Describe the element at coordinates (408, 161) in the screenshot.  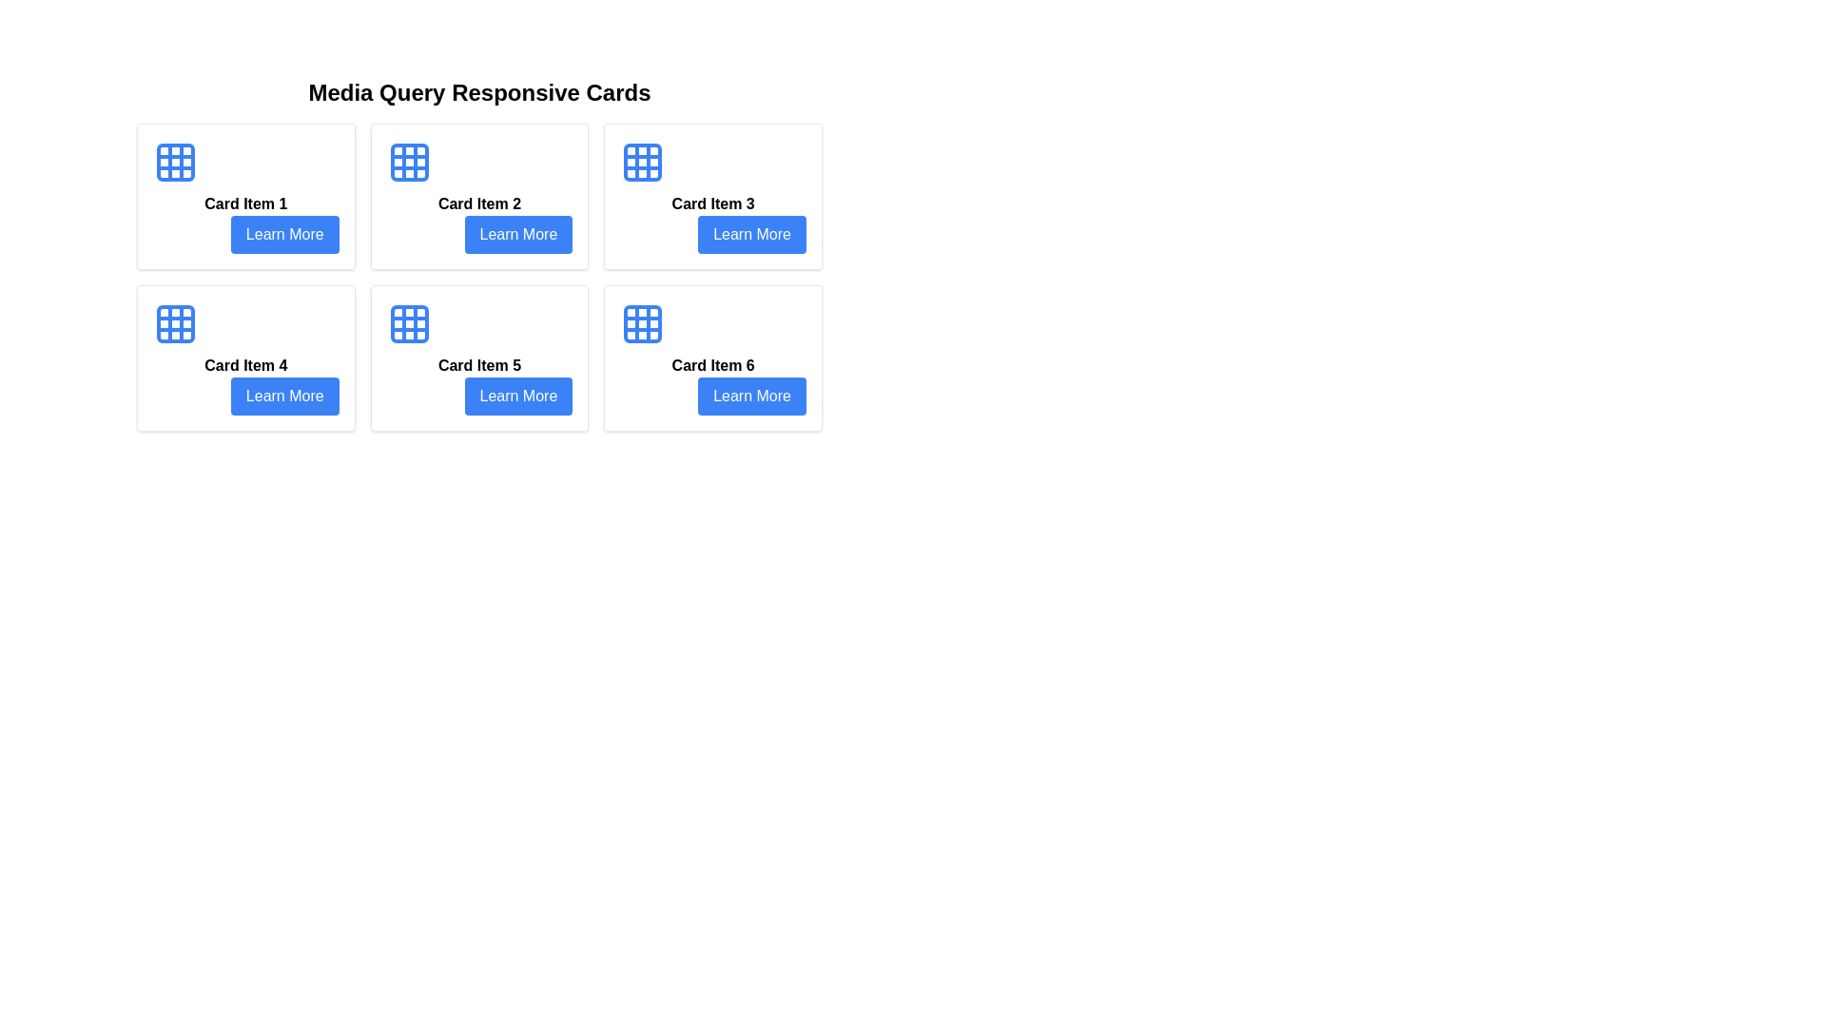
I see `the Decorative Icon Element, which is a square-shaped grid representation with a blue outline located in the top-left segment of Card Item 2` at that location.